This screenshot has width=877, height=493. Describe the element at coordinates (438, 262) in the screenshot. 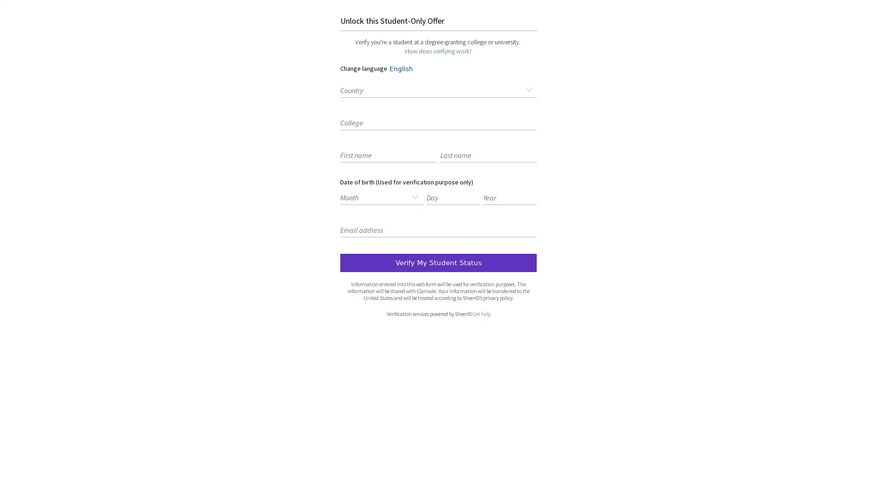

I see `submit` at that location.